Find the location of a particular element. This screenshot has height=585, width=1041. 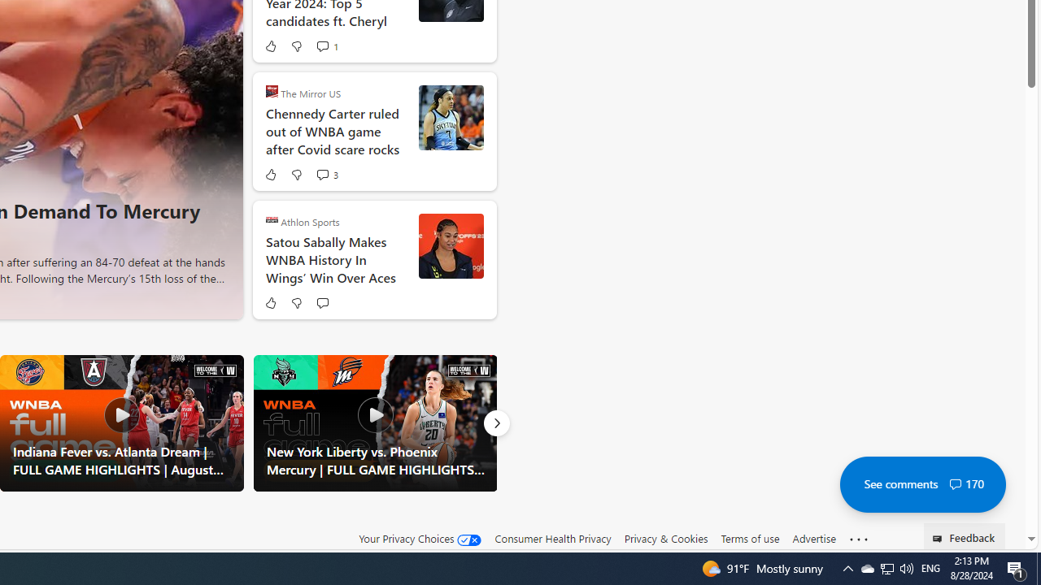

'Your Privacy Choices' is located at coordinates (420, 539).